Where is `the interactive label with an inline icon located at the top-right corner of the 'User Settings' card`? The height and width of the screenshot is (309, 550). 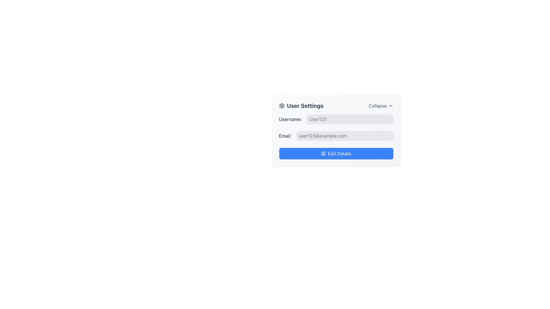
the interactive label with an inline icon located at the top-right corner of the 'User Settings' card is located at coordinates (381, 106).